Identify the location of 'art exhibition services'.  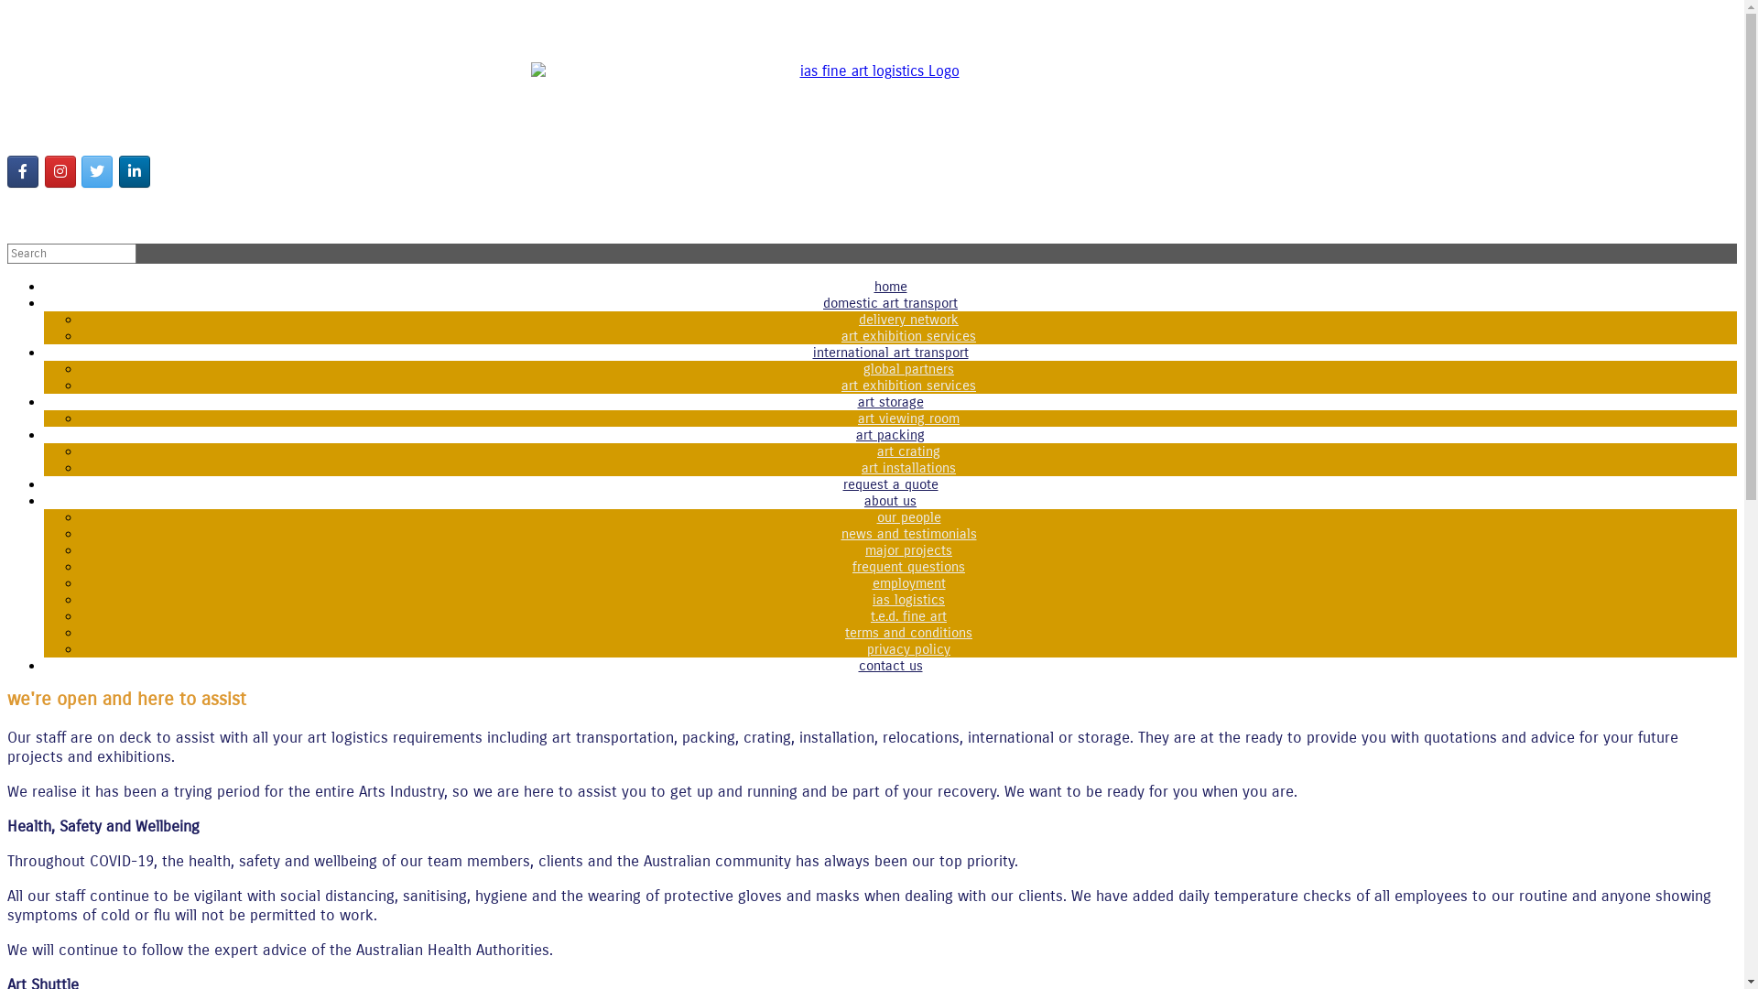
(908, 335).